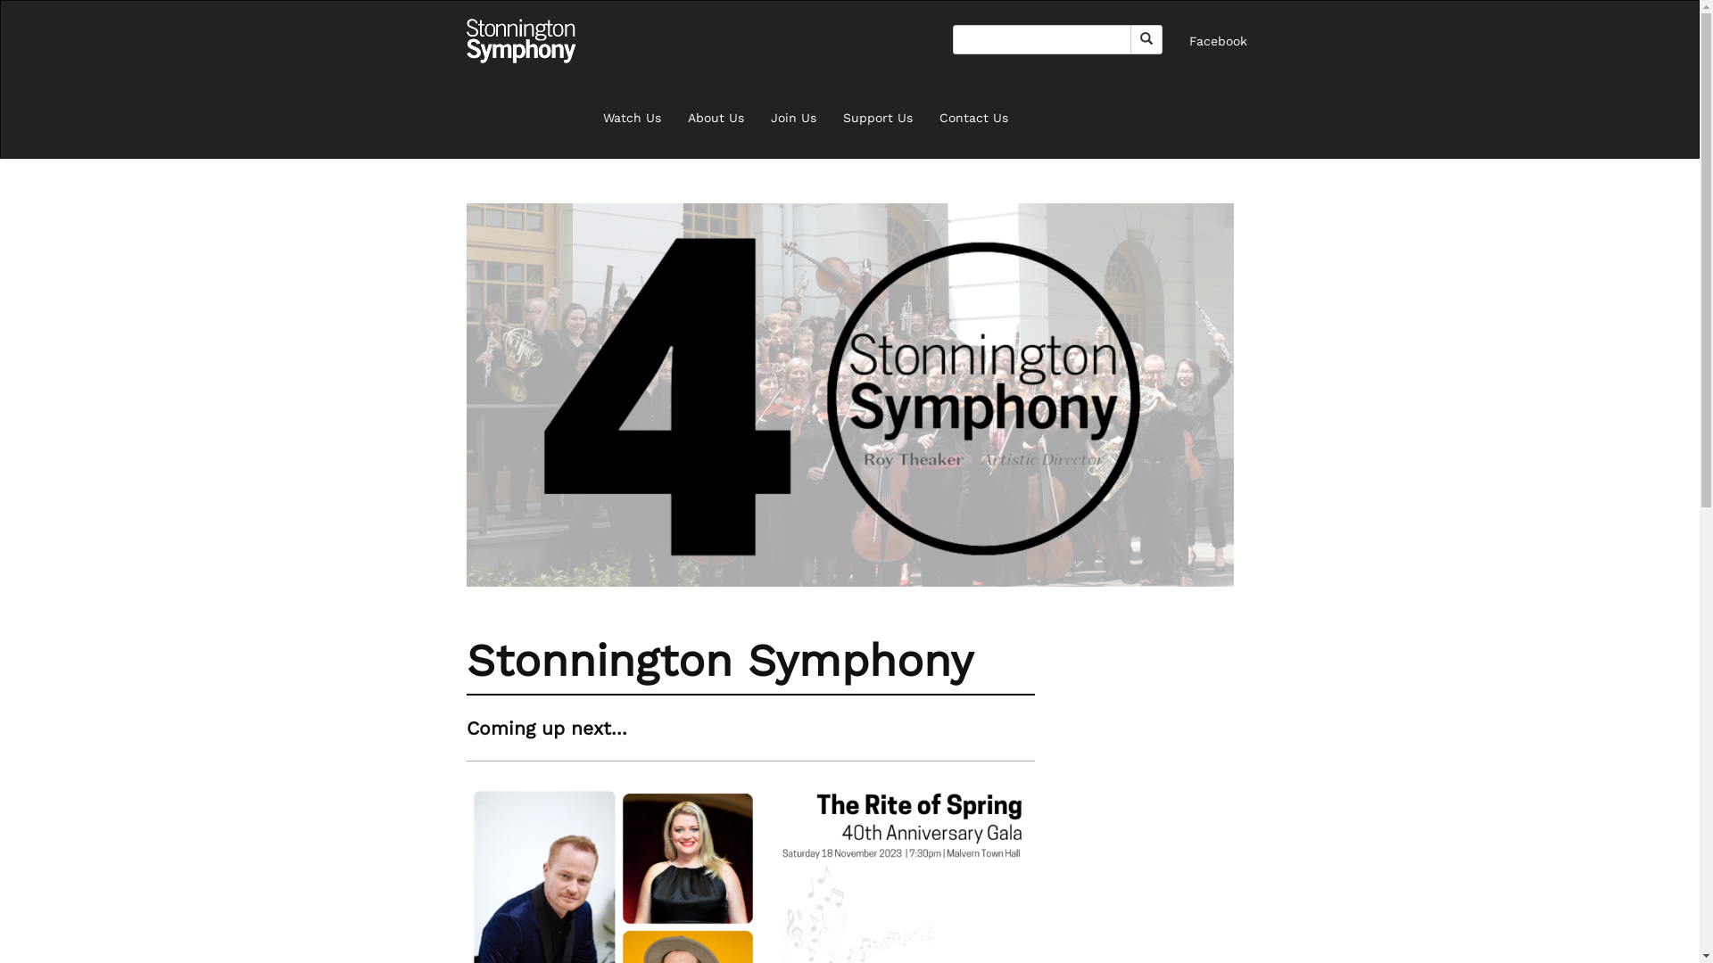  What do you see at coordinates (1176, 40) in the screenshot?
I see `'Facebook'` at bounding box center [1176, 40].